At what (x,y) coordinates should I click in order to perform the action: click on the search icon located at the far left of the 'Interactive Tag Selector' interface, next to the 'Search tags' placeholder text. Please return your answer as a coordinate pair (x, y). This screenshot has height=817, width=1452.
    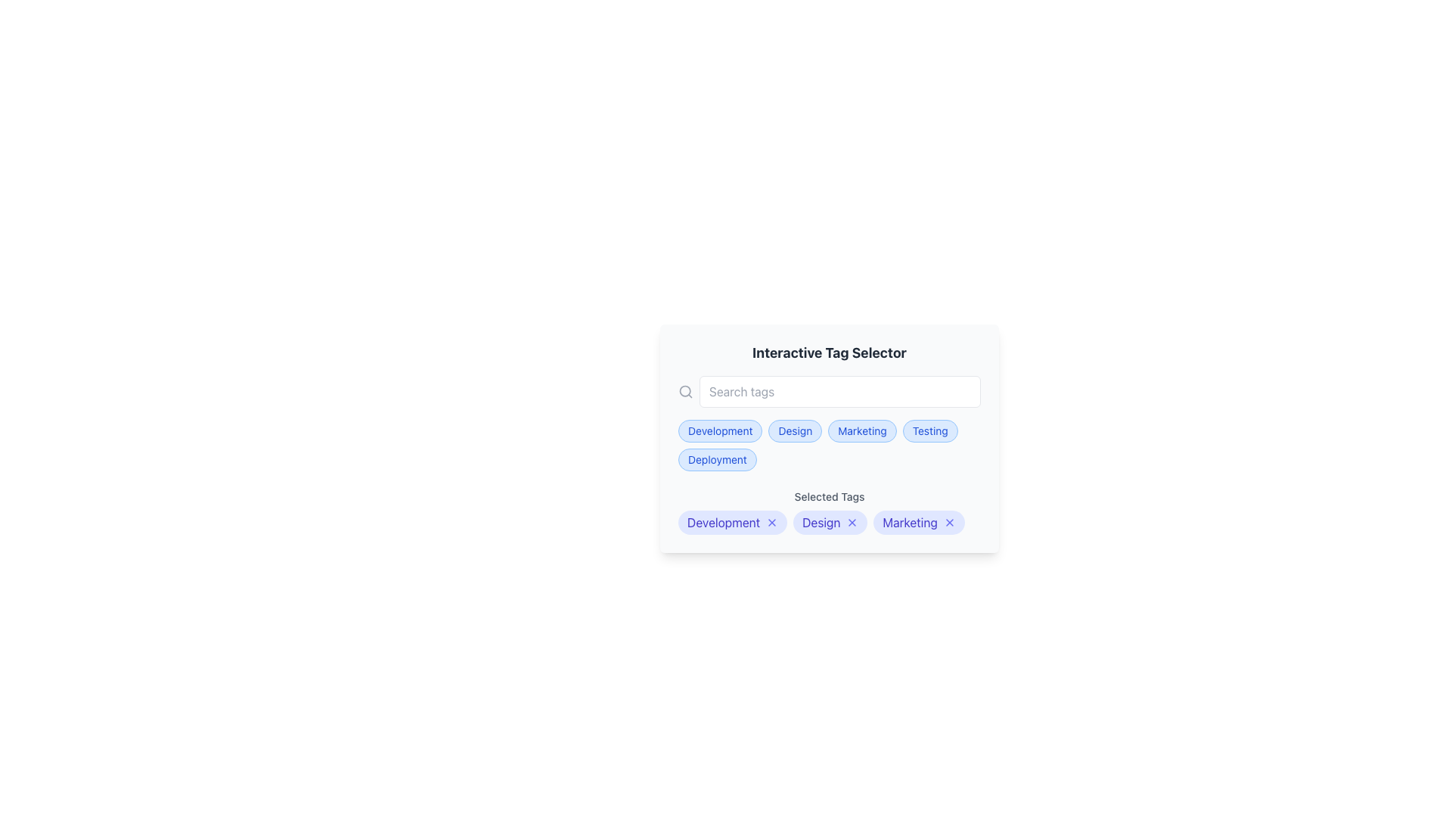
    Looking at the image, I should click on (685, 390).